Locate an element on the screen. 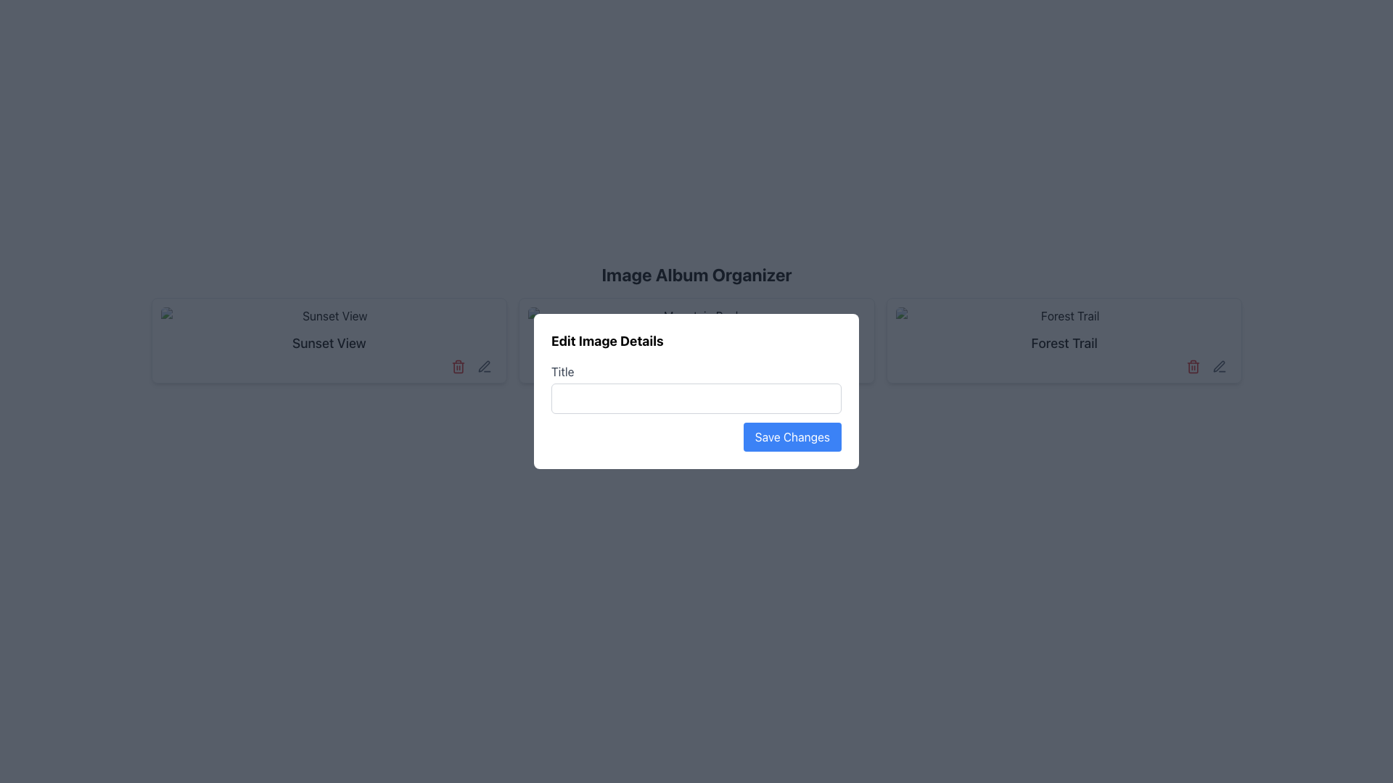 The image size is (1393, 783). the rectangular card titled 'Forest Trail', which is the last card in a grid layout, showcasing a thumbnail image and bold text is located at coordinates (1064, 341).